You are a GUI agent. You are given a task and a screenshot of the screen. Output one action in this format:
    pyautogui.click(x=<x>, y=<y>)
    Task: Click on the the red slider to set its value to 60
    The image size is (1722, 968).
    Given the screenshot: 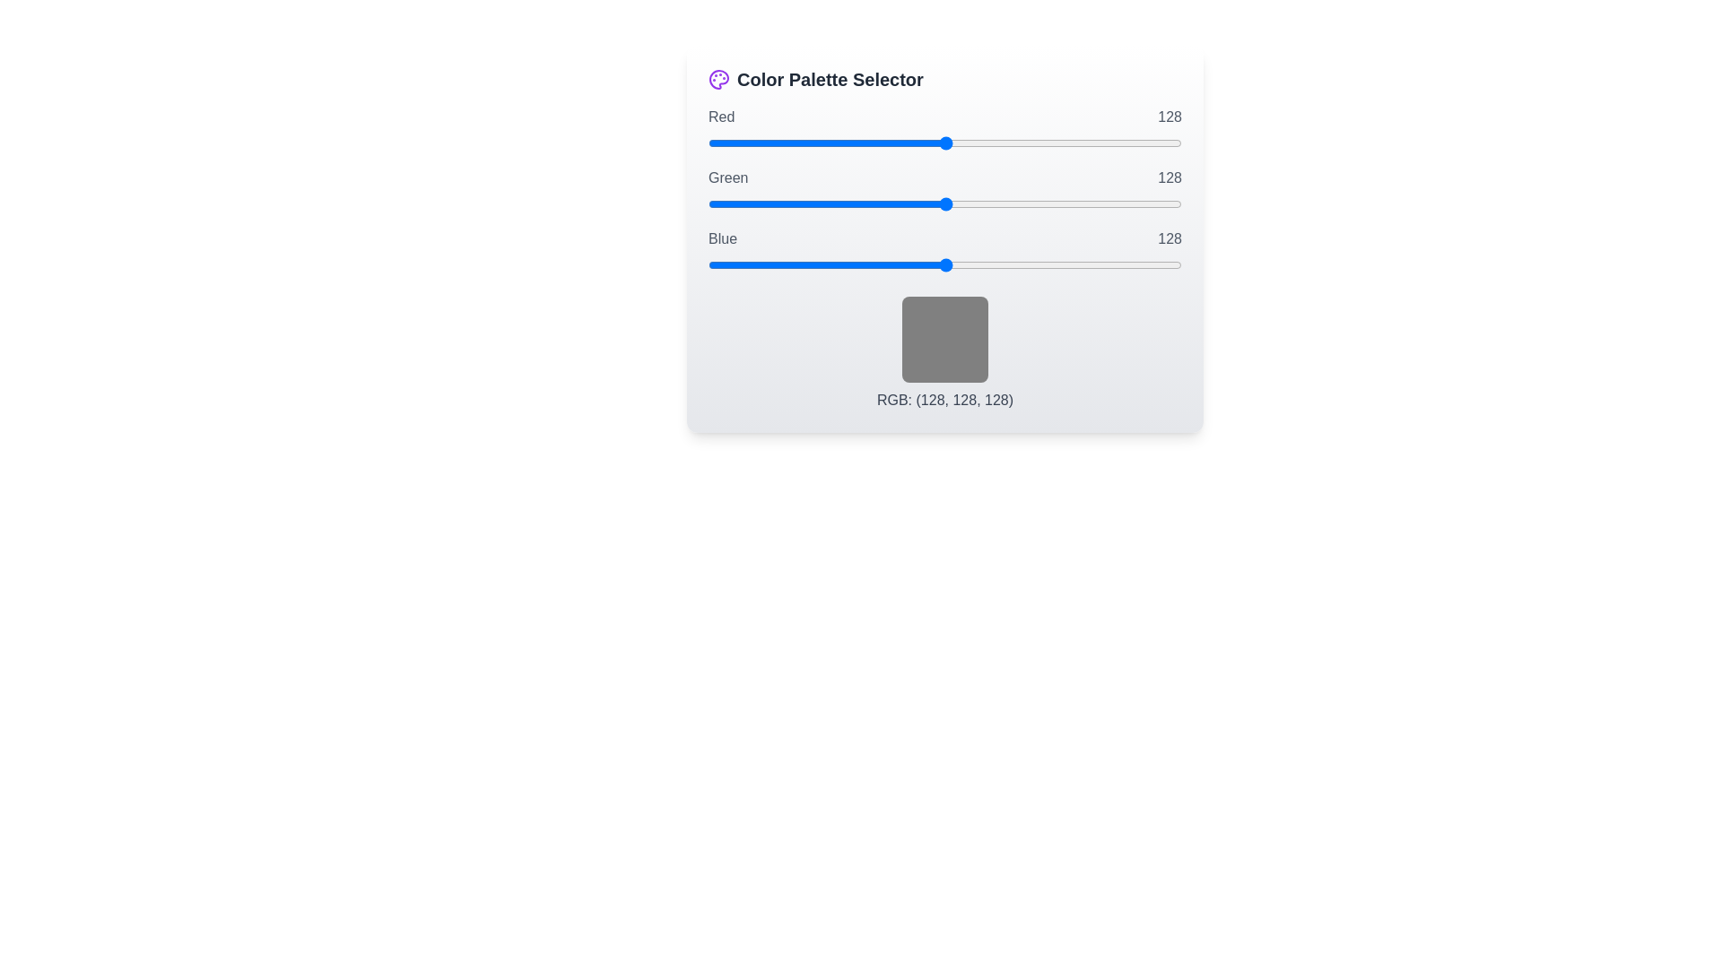 What is the action you would take?
    pyautogui.click(x=819, y=142)
    